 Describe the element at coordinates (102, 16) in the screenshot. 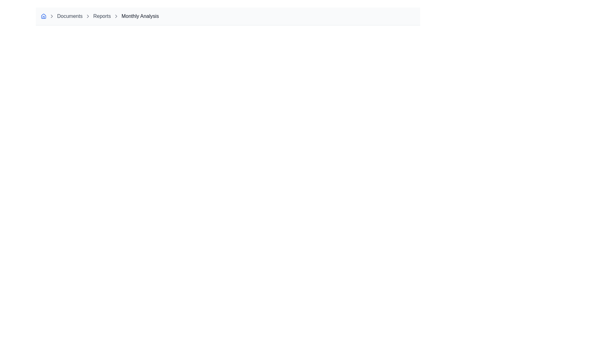

I see `the 'Reports' text link in the breadcrumb navigation` at that location.